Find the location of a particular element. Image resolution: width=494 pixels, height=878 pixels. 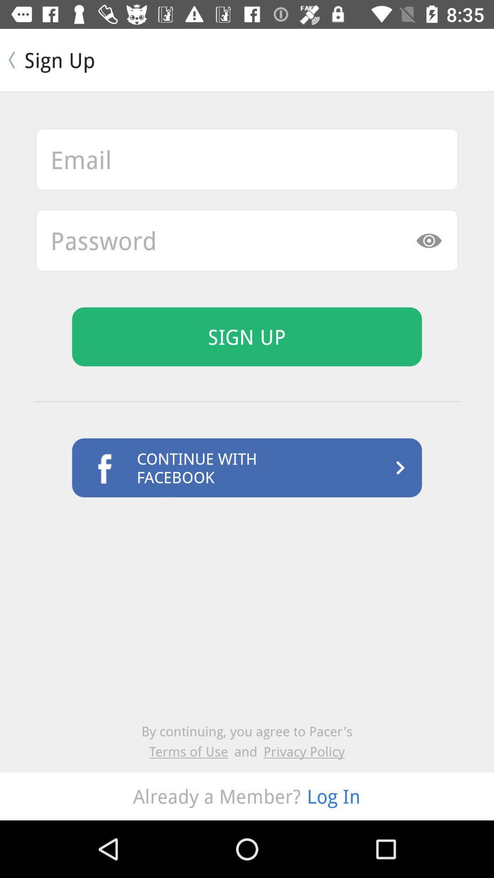

password field is located at coordinates (247, 240).